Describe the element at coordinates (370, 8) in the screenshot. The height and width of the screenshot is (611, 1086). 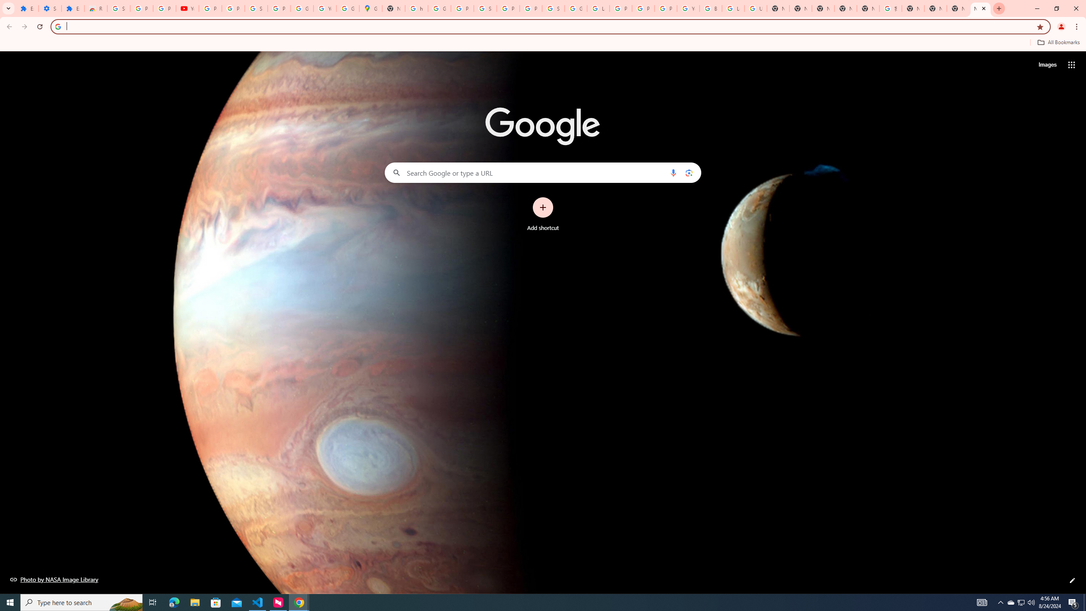
I see `'Google Maps'` at that location.